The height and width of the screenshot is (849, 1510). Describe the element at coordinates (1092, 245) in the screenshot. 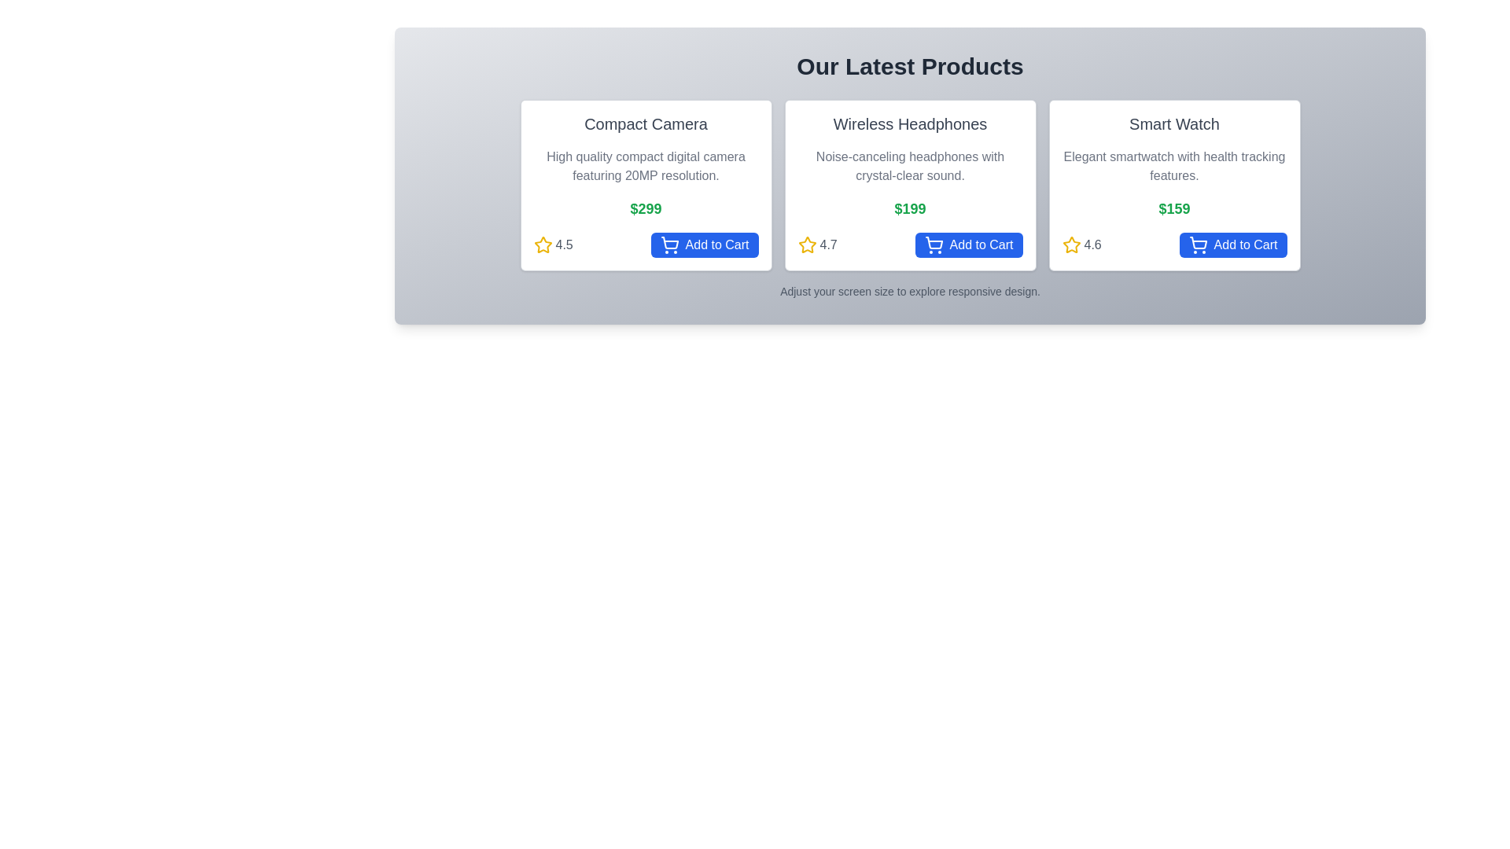

I see `the text label displaying the average user rating score for the 'Smart Watch' product, which is located to the right of the yellow star icon in the product card` at that location.